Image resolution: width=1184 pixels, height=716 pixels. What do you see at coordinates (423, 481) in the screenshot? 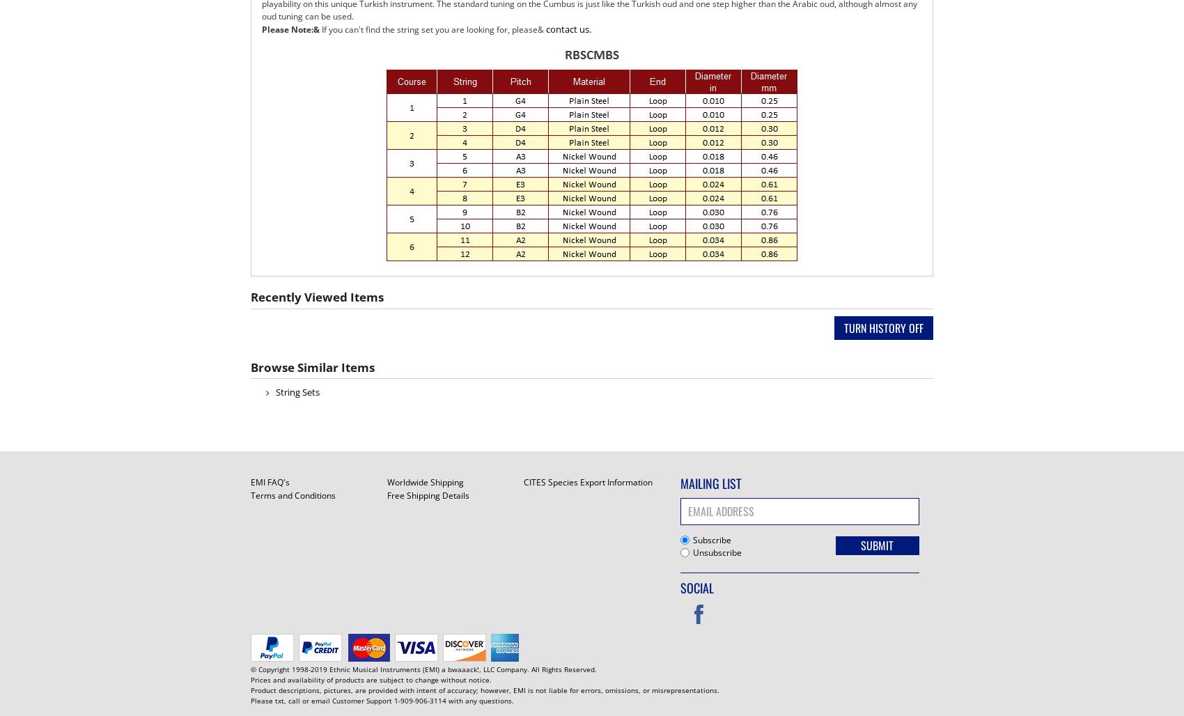
I see `'Worldwide Shipping'` at bounding box center [423, 481].